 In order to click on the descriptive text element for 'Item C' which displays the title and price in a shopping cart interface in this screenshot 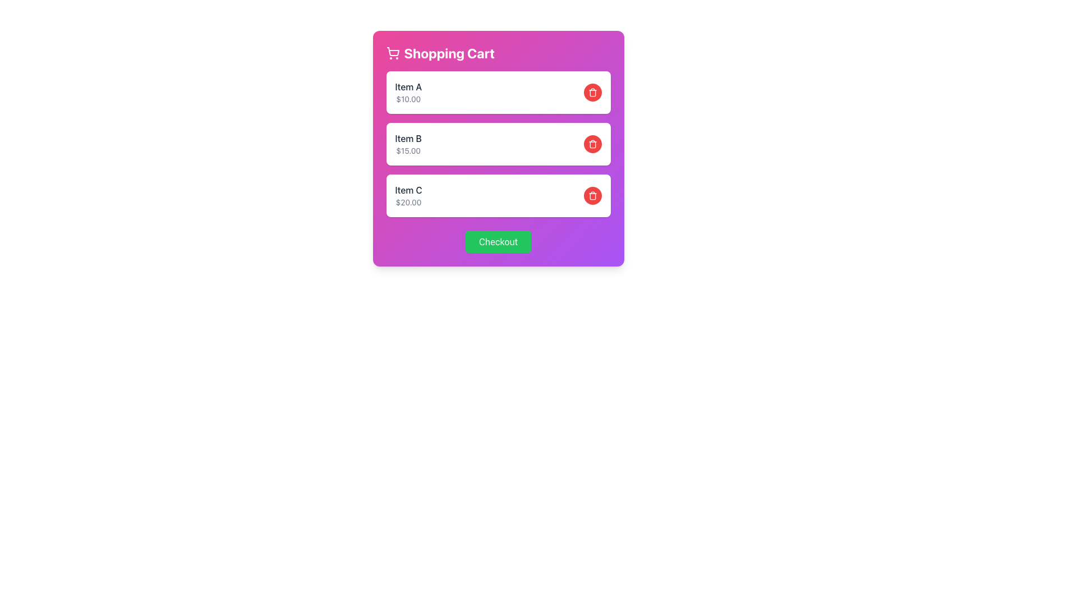, I will do `click(408, 195)`.